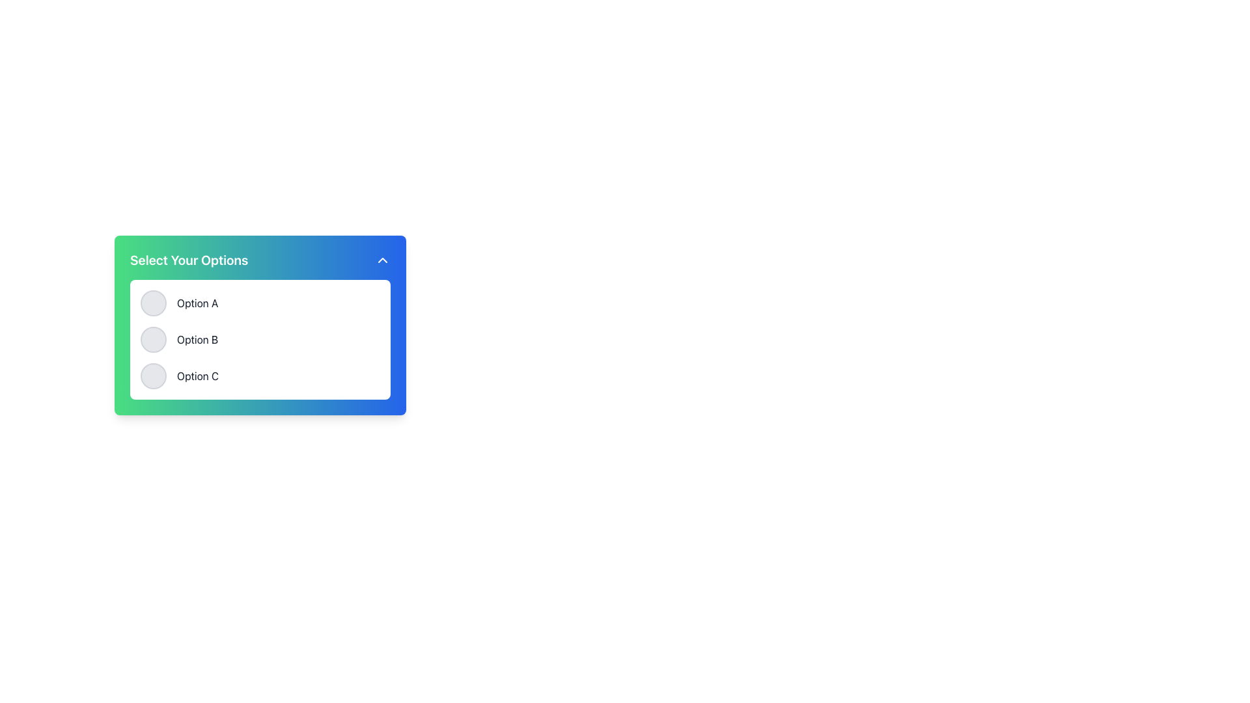  What do you see at coordinates (197, 376) in the screenshot?
I see `text label 'Option C' which serves as a description for the corresponding radio button in the vertical list of options` at bounding box center [197, 376].